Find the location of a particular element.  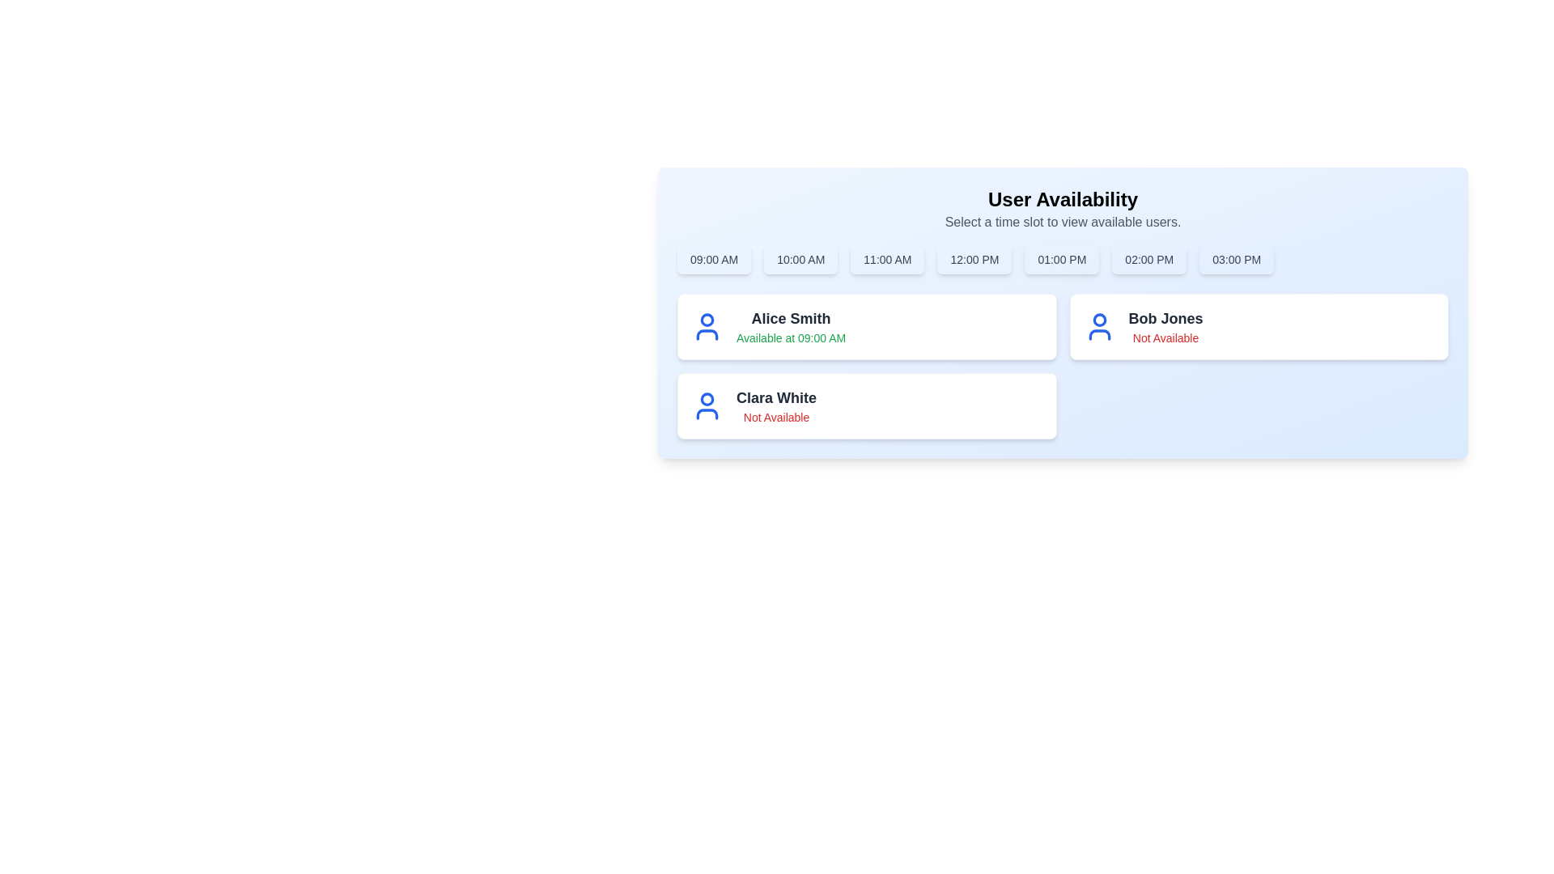

the text label displaying 'Not Available' in red color, which is located below 'Bob Jones' in the user availability list is located at coordinates (1165, 337).